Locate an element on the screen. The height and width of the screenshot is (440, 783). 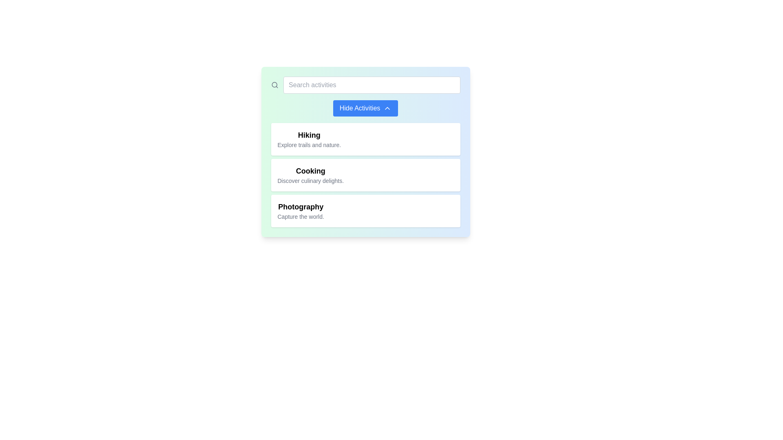
the text field containing the phrase 'Capture the world.' which is styled in a small gray font and positioned below the 'Photography' label is located at coordinates (300, 216).